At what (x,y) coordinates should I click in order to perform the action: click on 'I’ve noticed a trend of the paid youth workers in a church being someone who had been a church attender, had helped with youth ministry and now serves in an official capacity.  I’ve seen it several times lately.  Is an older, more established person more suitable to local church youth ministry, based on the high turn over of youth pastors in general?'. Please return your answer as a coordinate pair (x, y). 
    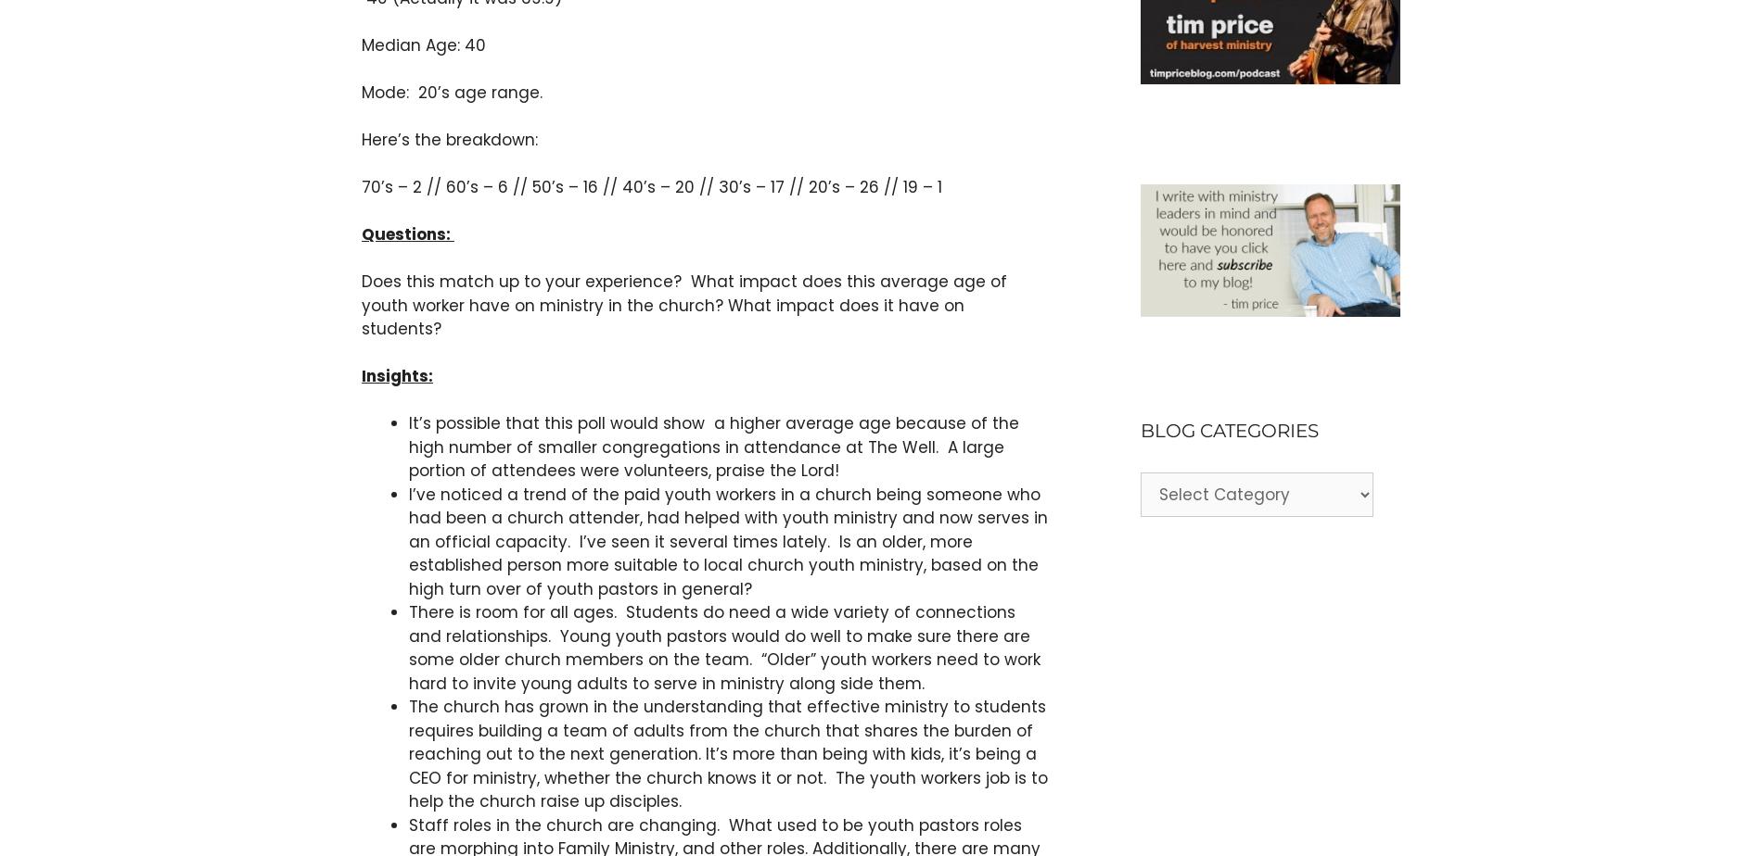
    Looking at the image, I should click on (727, 540).